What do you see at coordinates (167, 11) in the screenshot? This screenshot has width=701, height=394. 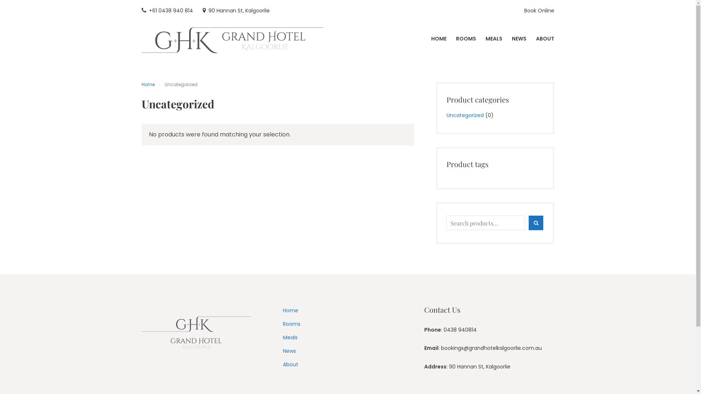 I see `'+61 0438 940 814'` at bounding box center [167, 11].